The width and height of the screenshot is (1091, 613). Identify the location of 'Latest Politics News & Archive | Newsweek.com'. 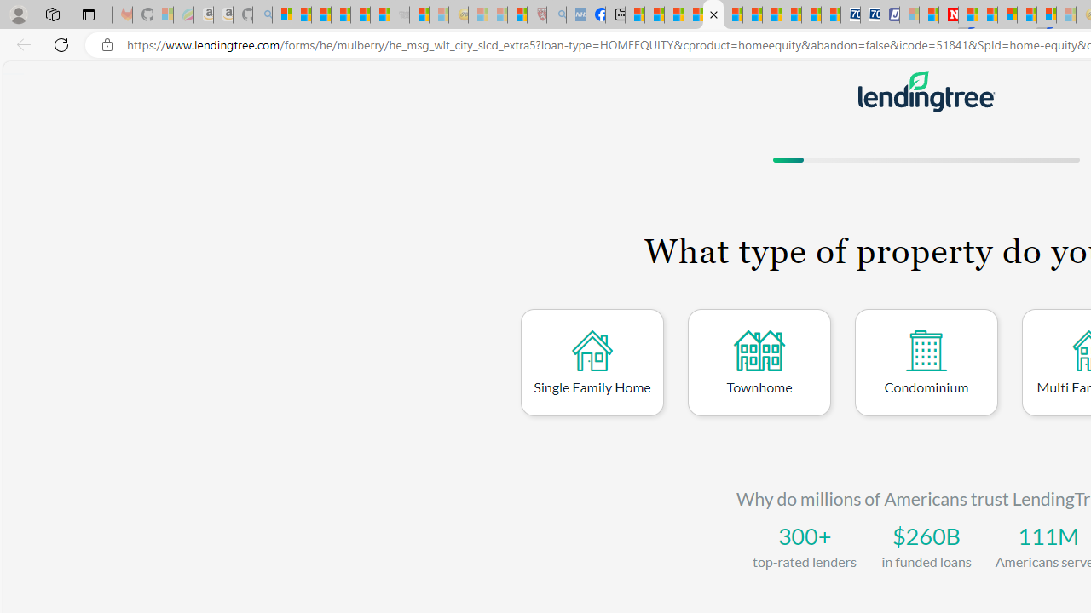
(947, 14).